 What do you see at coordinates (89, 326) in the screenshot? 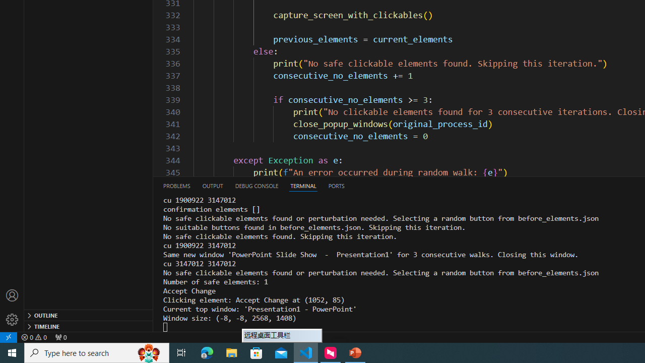
I see `'Timeline Section'` at bounding box center [89, 326].